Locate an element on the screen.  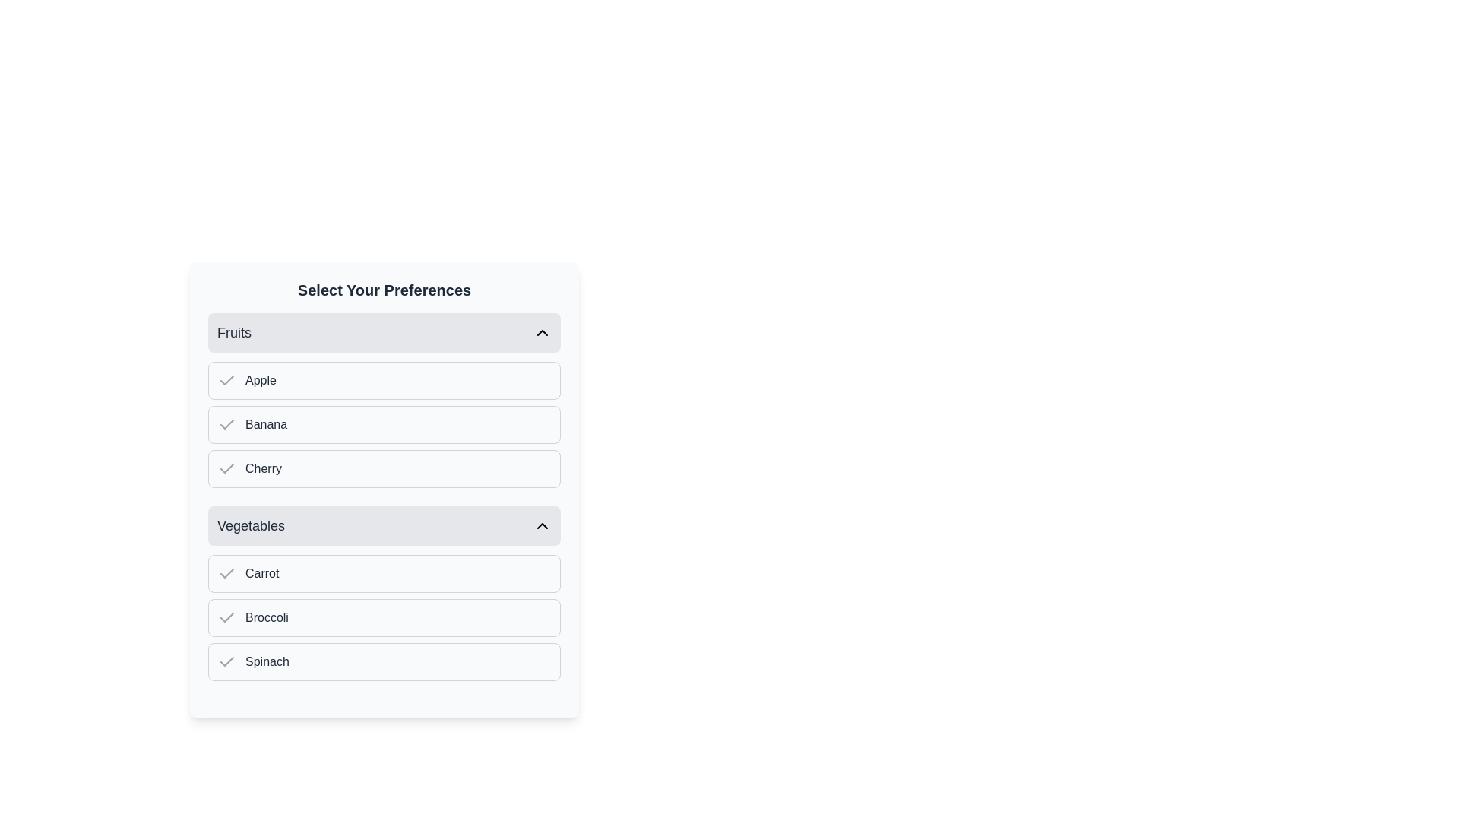
the SVG-based icon element located in the right corner of the header bar labeled 'Fruits' is located at coordinates (543, 332).